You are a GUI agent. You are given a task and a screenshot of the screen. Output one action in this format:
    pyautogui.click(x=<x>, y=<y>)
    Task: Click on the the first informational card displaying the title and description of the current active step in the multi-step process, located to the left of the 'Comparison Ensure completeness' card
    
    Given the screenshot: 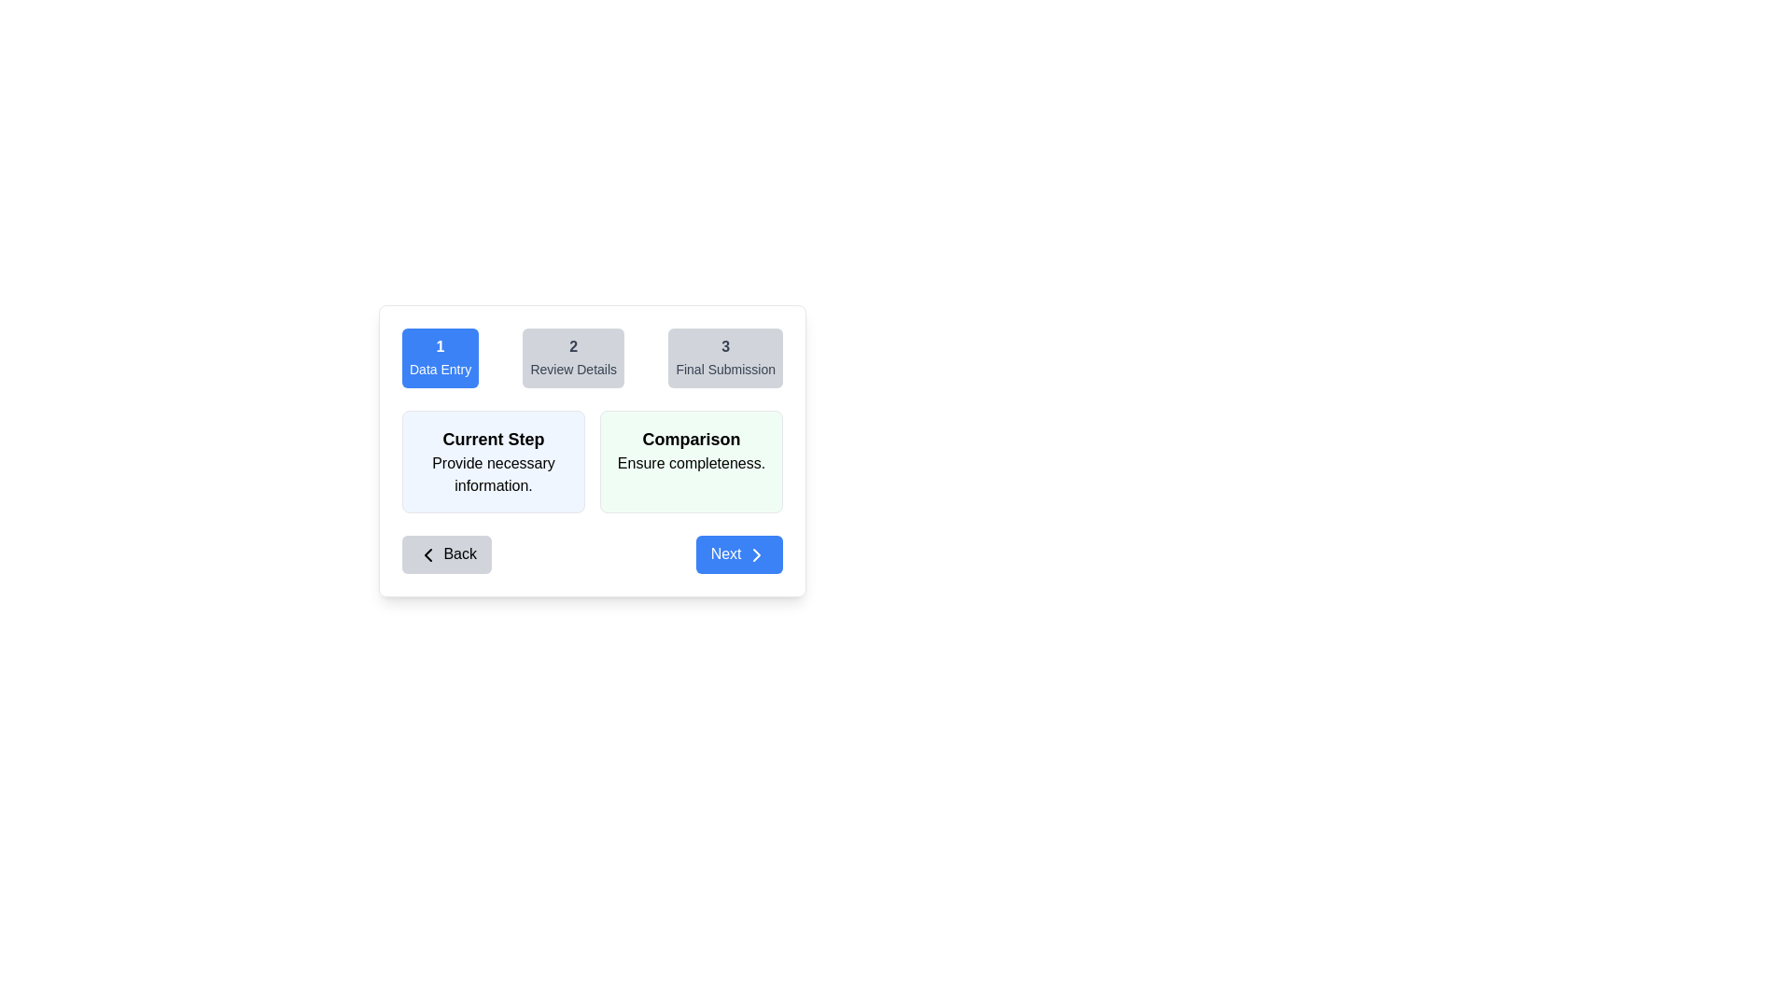 What is the action you would take?
    pyautogui.click(x=493, y=461)
    